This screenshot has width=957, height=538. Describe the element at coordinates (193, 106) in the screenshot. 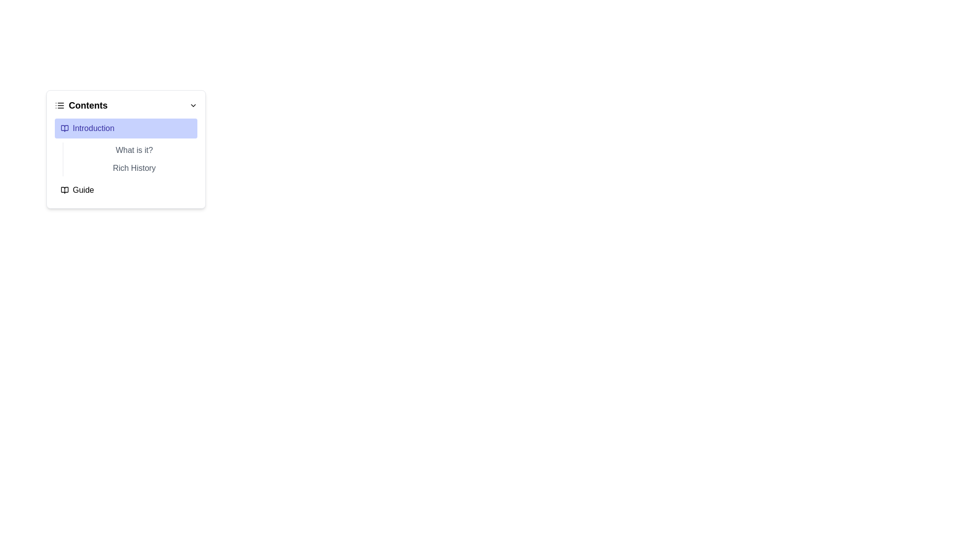

I see `the toggle icon in the header section labeled 'Contents'` at that location.